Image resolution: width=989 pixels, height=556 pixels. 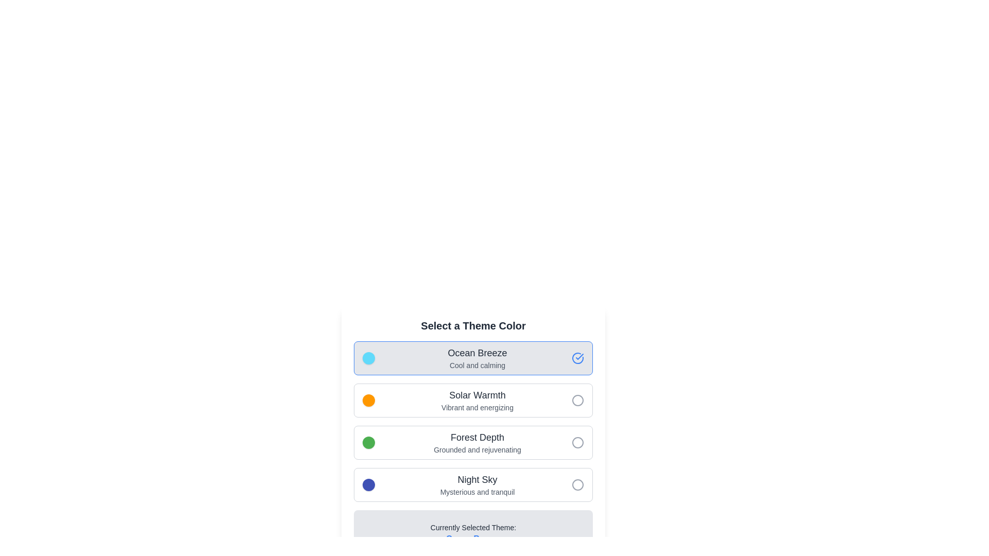 I want to click on the Text label that indicates the purpose of the section for selecting a theme color, positioned at the top of the section, so click(x=472, y=325).